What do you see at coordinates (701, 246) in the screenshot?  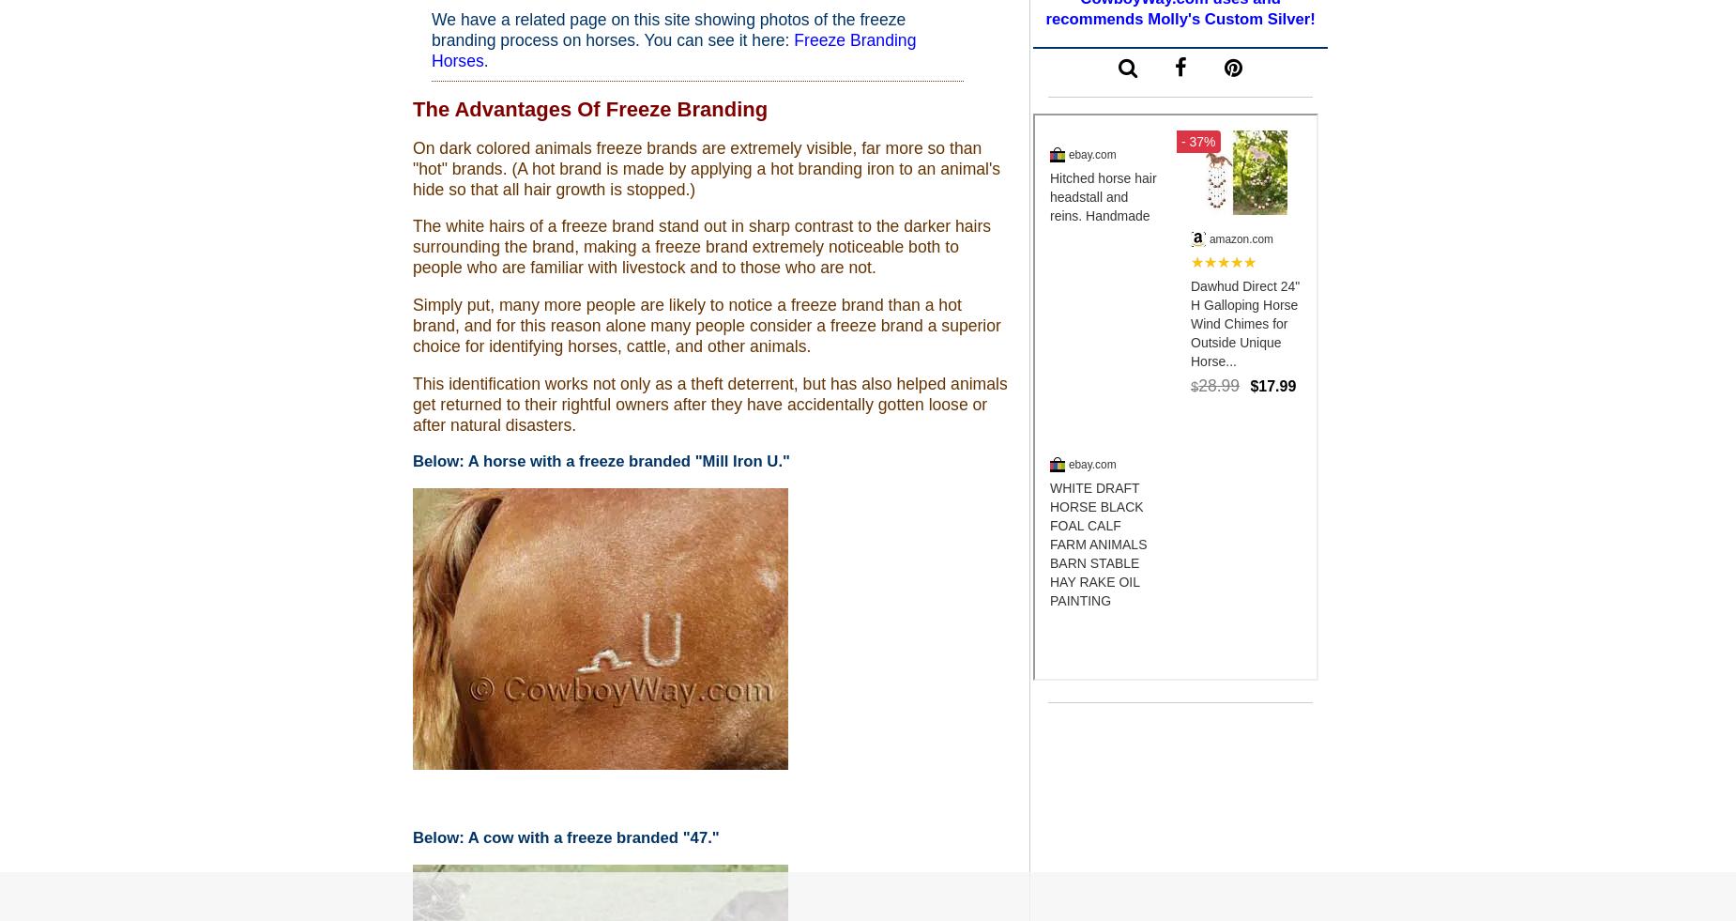 I see `'The white hairs of a freeze brand stand out in sharp contrast to the
darker hairs surrounding the brand, making a freeze brand extremely
noticeable both to people who are familiar with livestock and to those
who are not.'` at bounding box center [701, 246].